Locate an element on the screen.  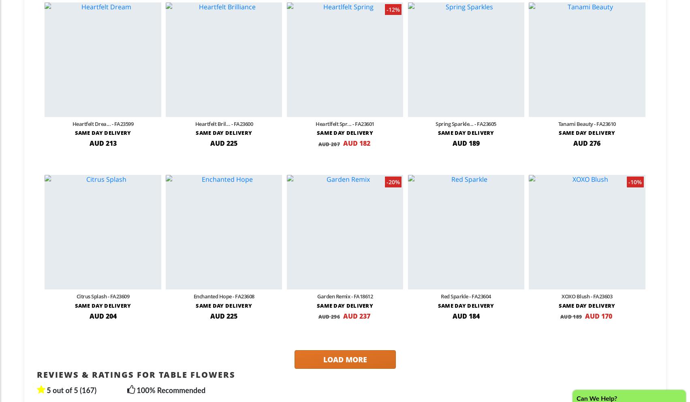
'-20%' is located at coordinates (393, 182).